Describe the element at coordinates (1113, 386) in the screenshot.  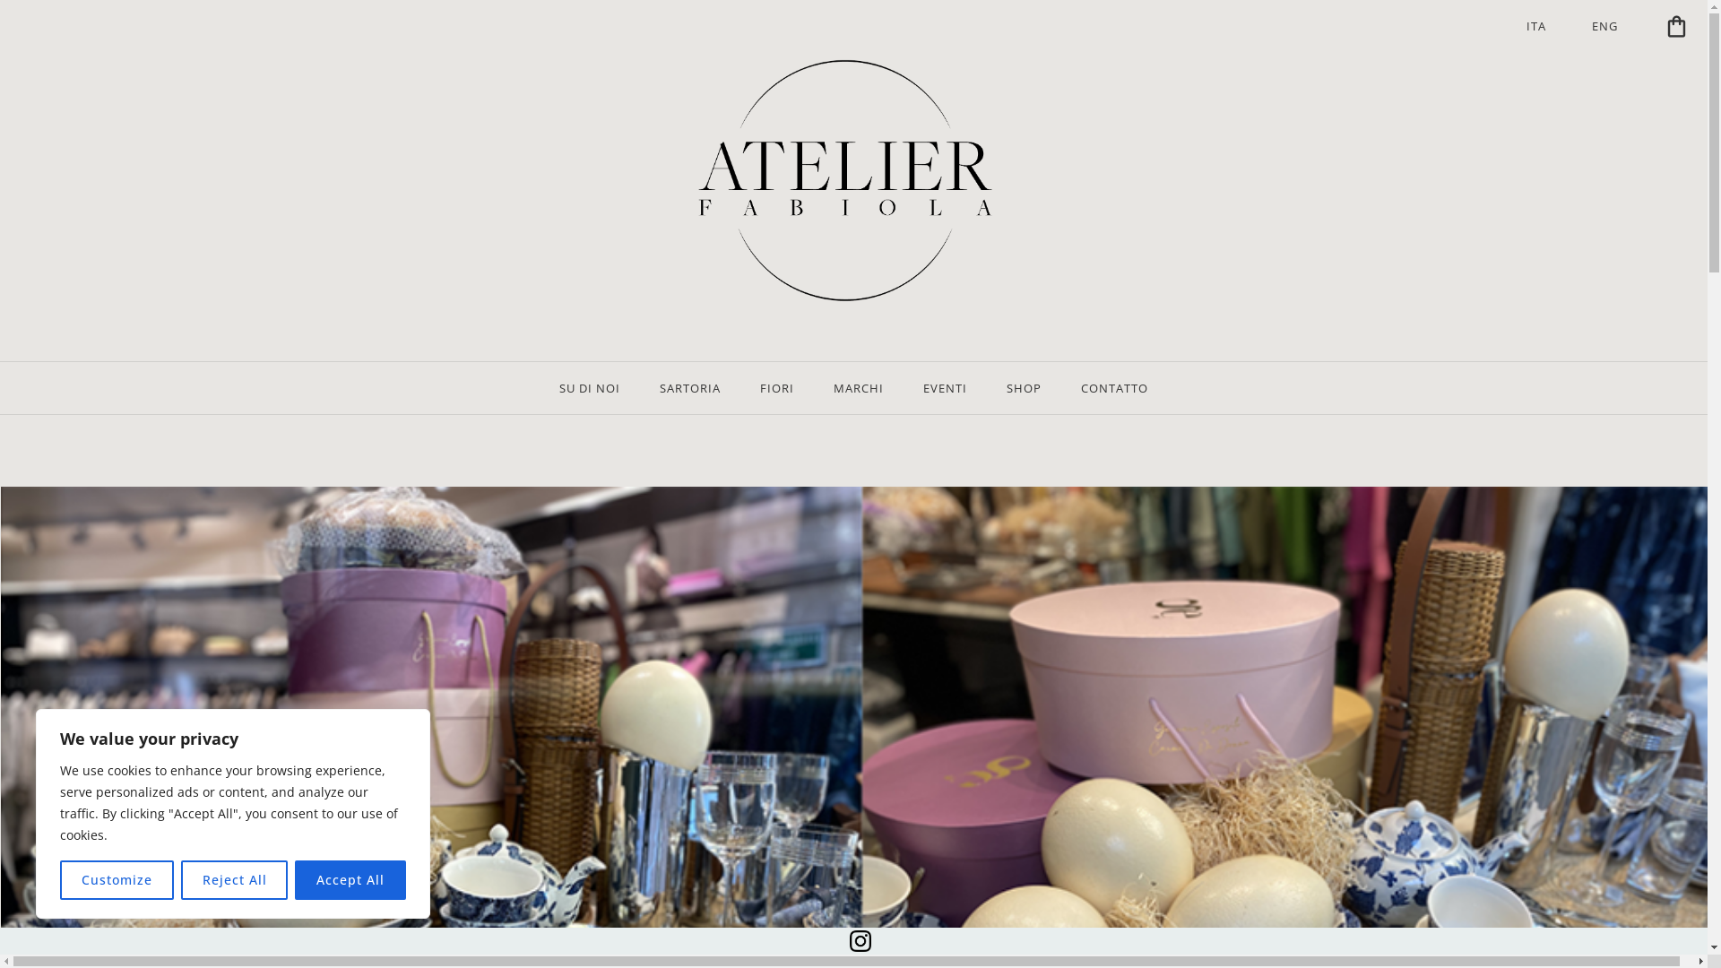
I see `'CONTATTO'` at that location.